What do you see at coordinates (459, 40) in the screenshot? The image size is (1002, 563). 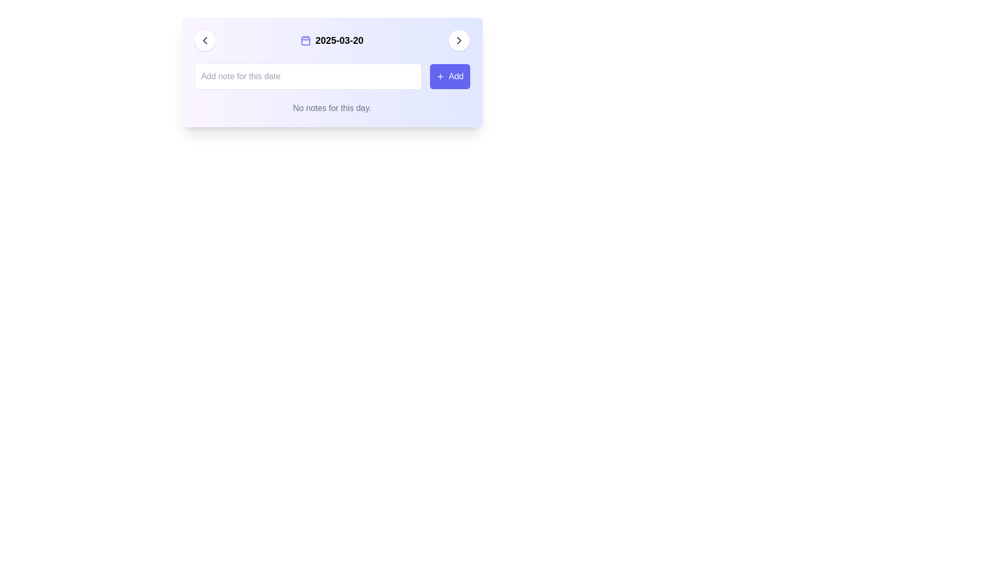 I see `the right-pointing chevron icon located in the upper-right corner of the interactive card section` at bounding box center [459, 40].